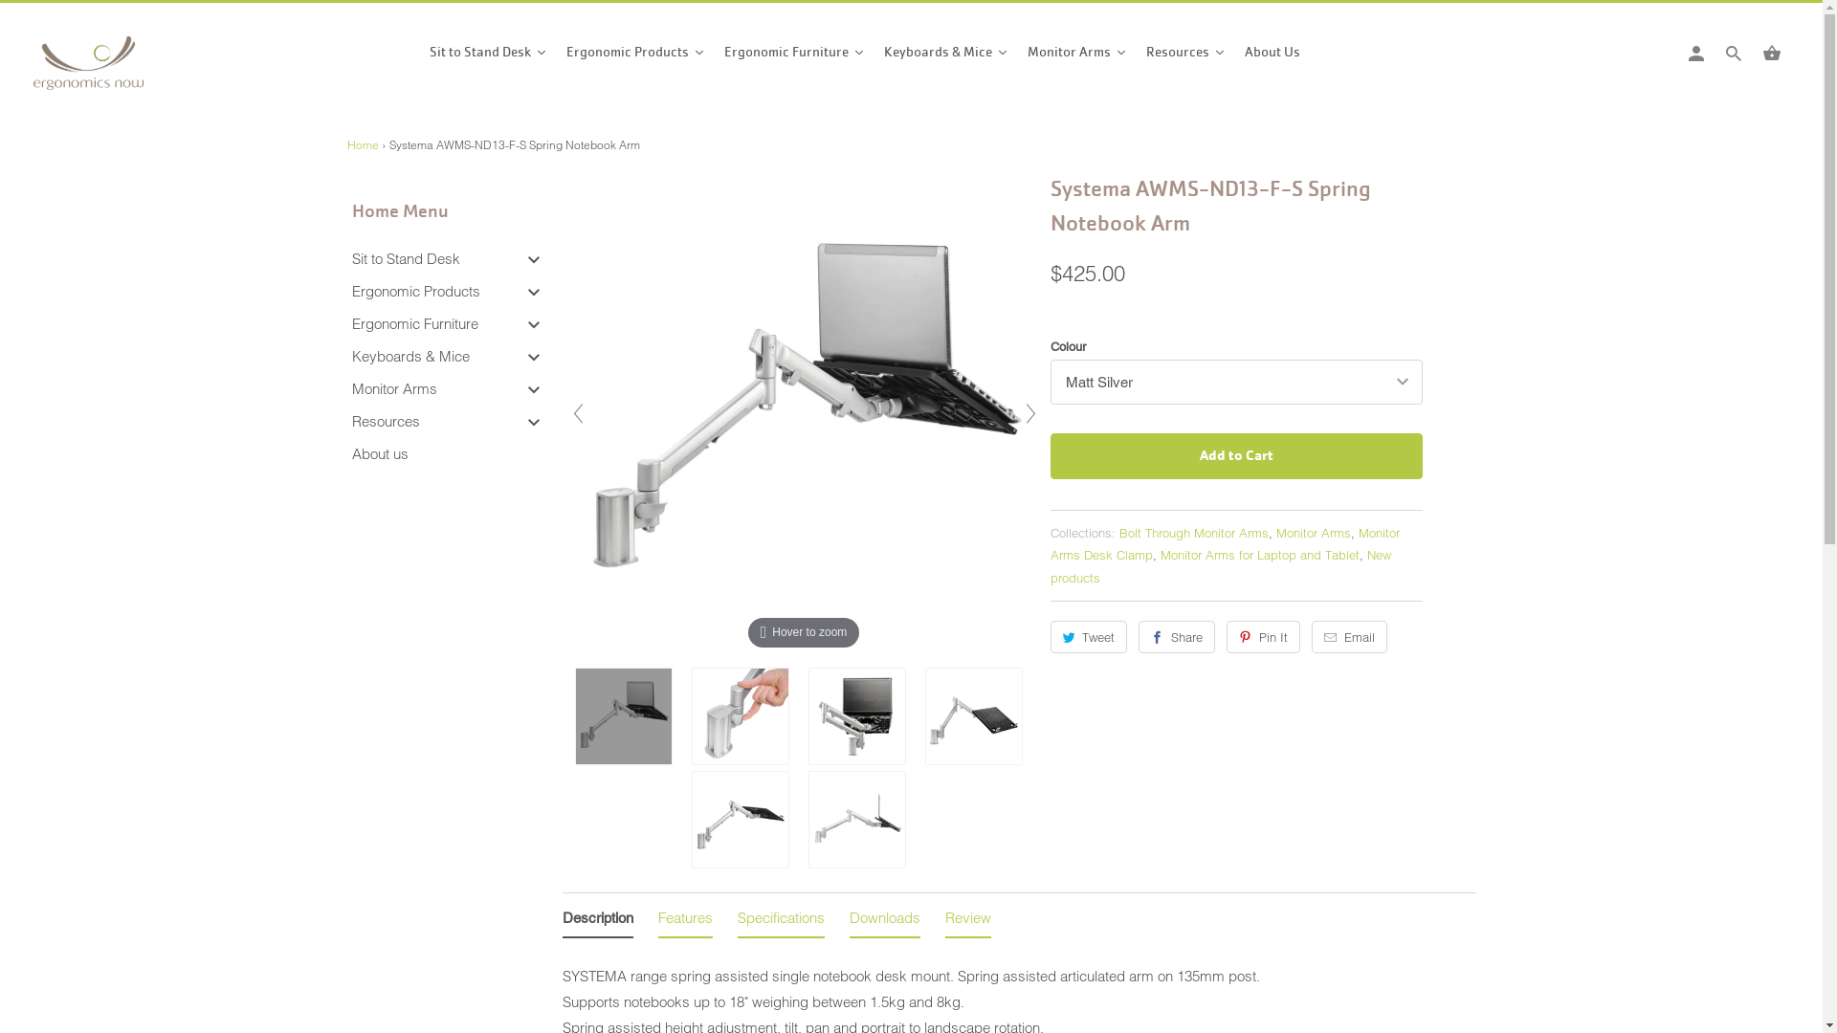 The height and width of the screenshot is (1033, 1837). I want to click on 'Tweet', so click(1089, 637).